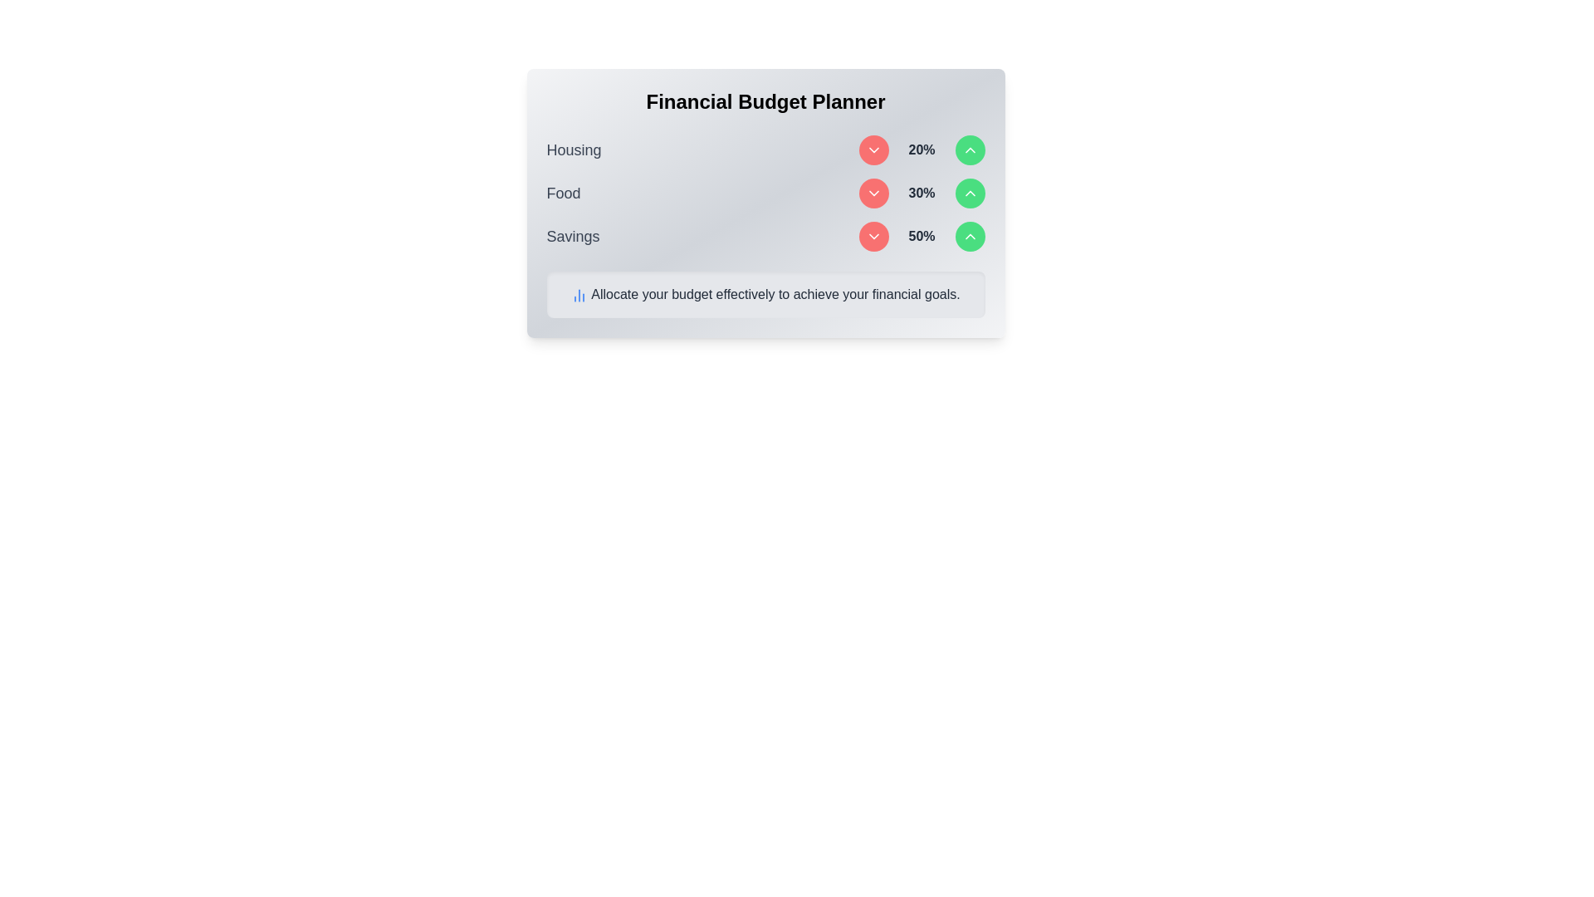 The height and width of the screenshot is (897, 1594). I want to click on the label displaying '50%' in bold text, which is centered between a red circular button on the left and a green circular button on the right in the third row under 'Savings', so click(921, 237).